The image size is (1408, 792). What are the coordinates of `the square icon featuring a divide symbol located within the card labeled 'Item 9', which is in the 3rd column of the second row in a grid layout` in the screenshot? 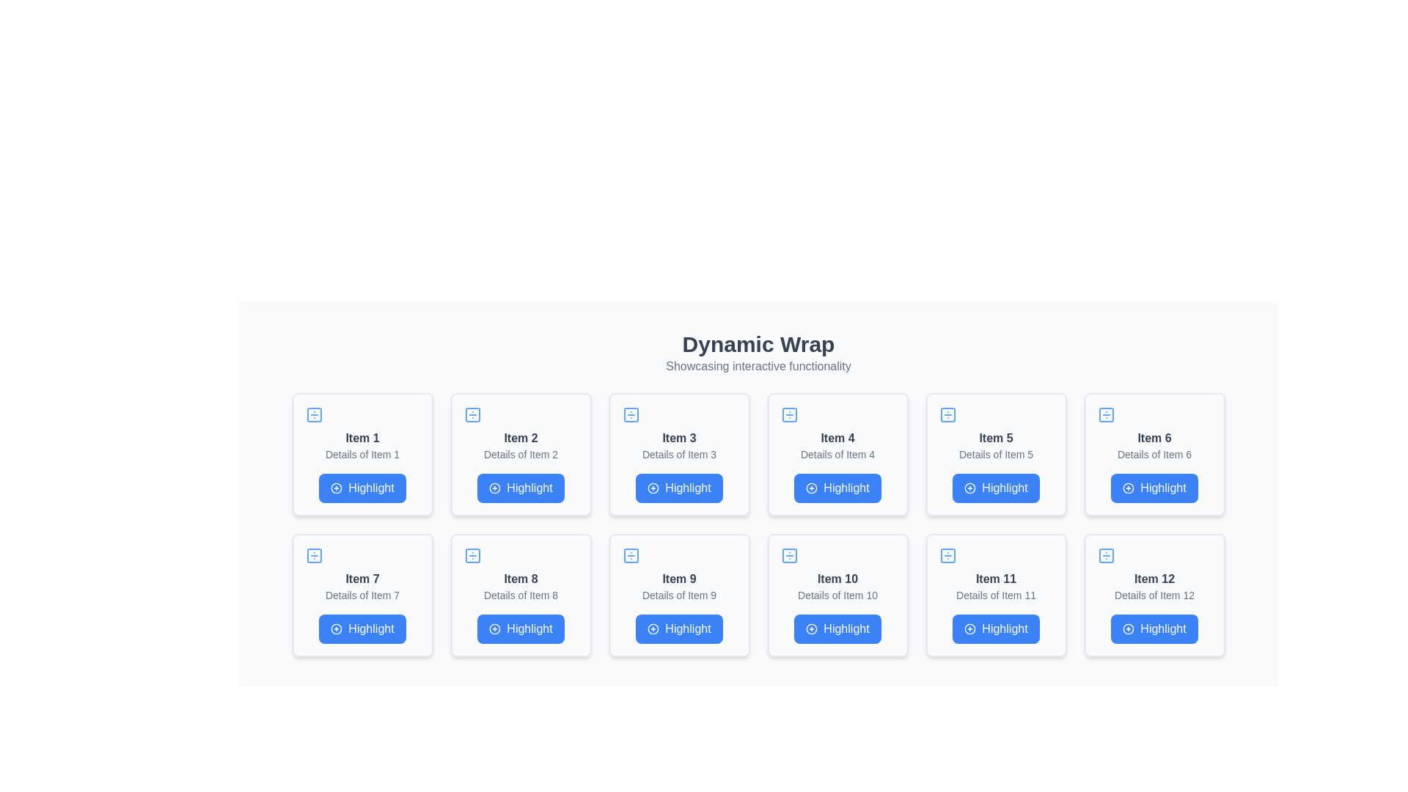 It's located at (631, 556).